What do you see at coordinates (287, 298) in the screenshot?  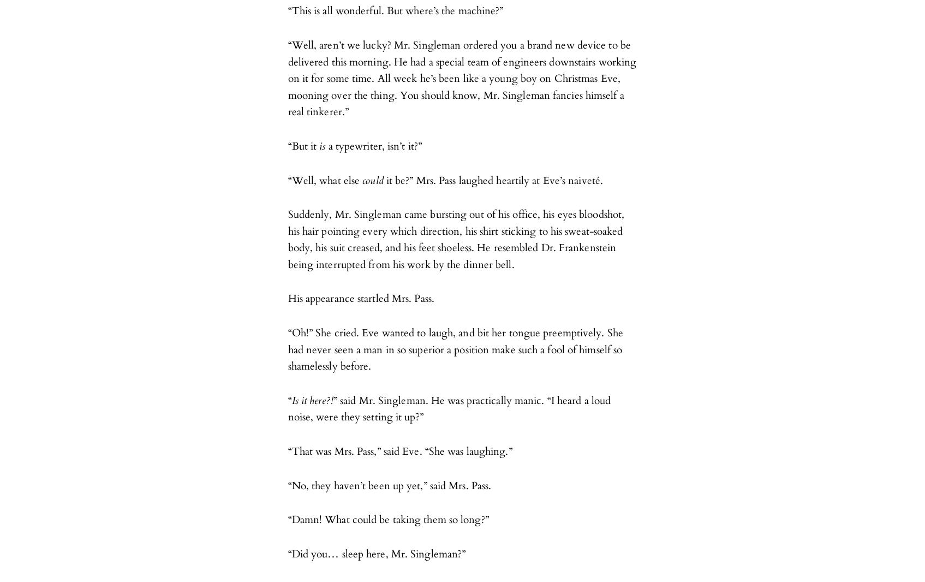 I see `'His appearance startled Mrs. Pass.'` at bounding box center [287, 298].